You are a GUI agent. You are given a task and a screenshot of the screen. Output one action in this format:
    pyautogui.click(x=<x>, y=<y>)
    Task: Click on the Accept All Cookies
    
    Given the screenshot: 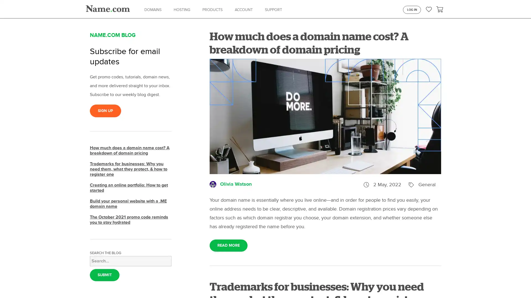 What is the action you would take?
    pyautogui.click(x=426, y=283)
    